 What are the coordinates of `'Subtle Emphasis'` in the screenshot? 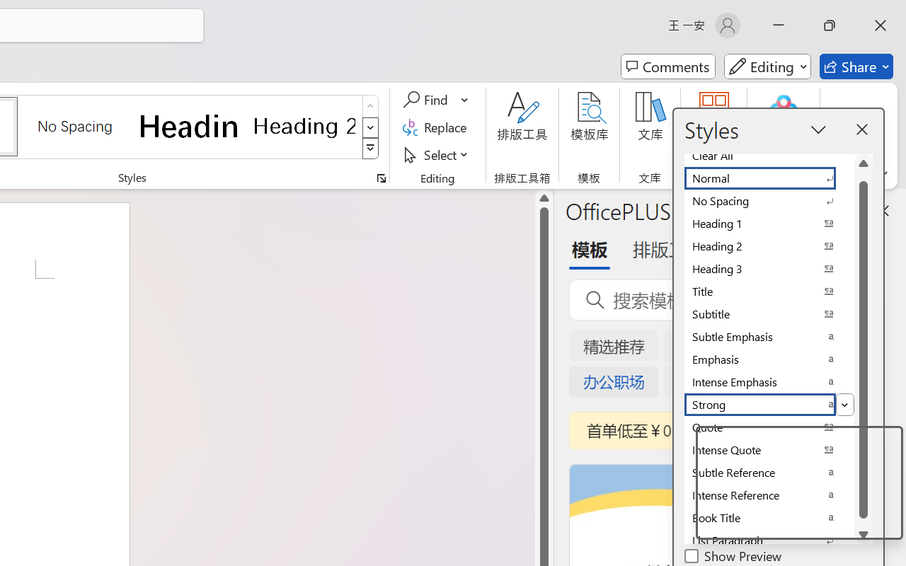 It's located at (768, 337).